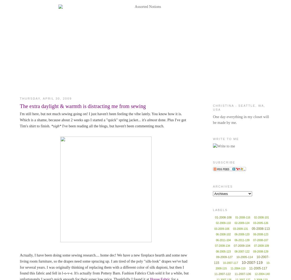 The width and height of the screenshot is (291, 280). Describe the element at coordinates (239, 107) in the screenshot. I see `'Christina - Seattle, WA, USA'` at that location.